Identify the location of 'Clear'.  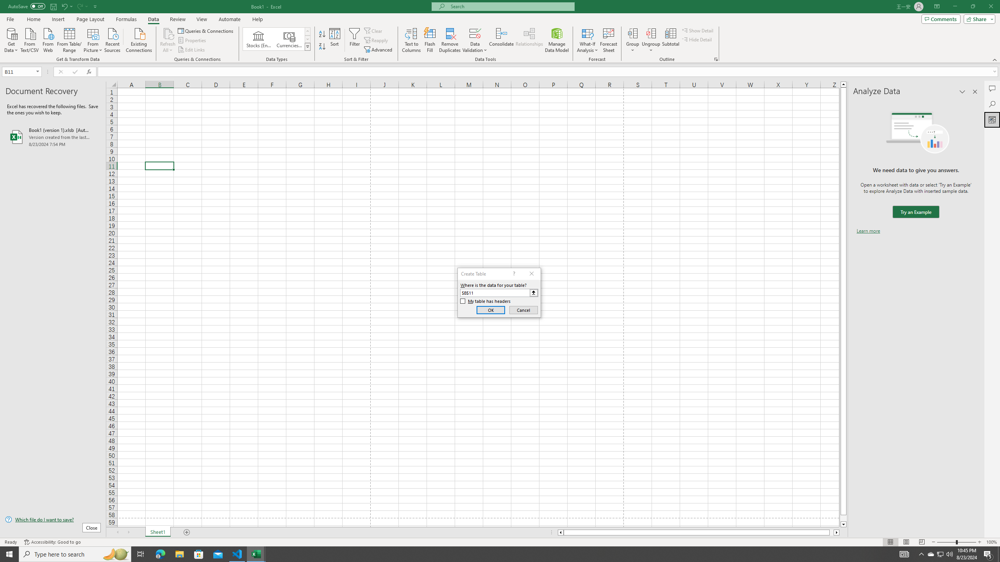
(374, 30).